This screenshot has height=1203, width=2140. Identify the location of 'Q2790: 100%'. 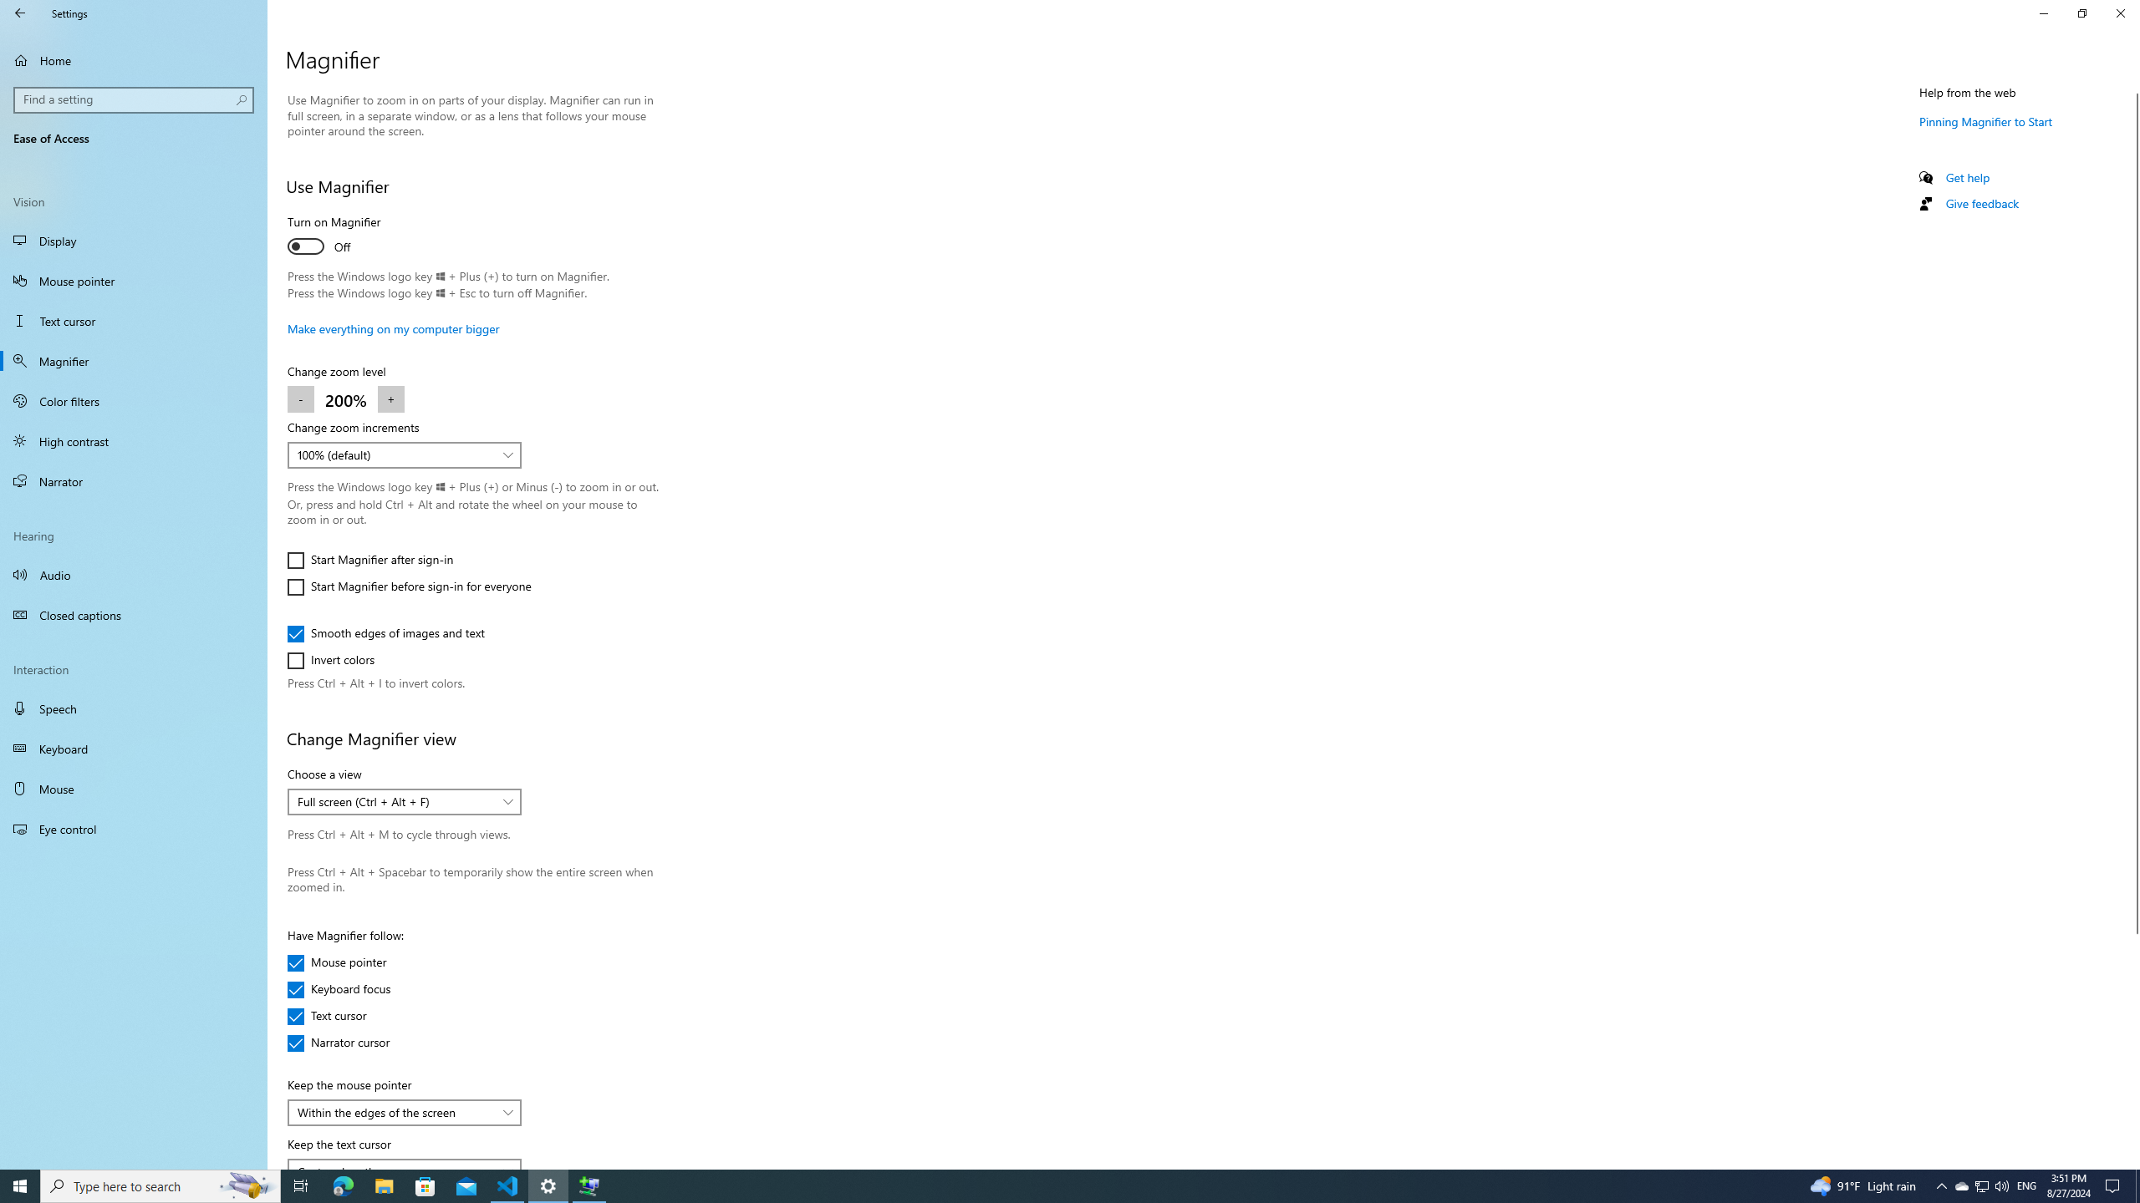
(2000, 1185).